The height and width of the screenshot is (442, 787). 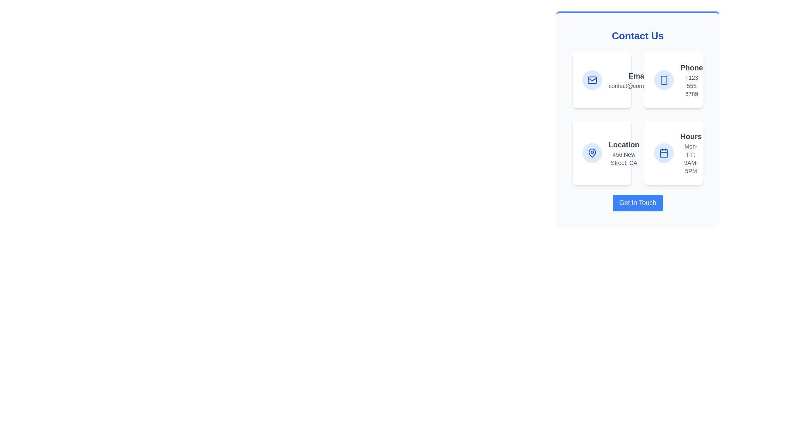 What do you see at coordinates (690, 153) in the screenshot?
I see `business hours of operation displayed in the bottom-right card within the grid of four cards, located to the right of the 'Location' card and below the 'Phone' card` at bounding box center [690, 153].